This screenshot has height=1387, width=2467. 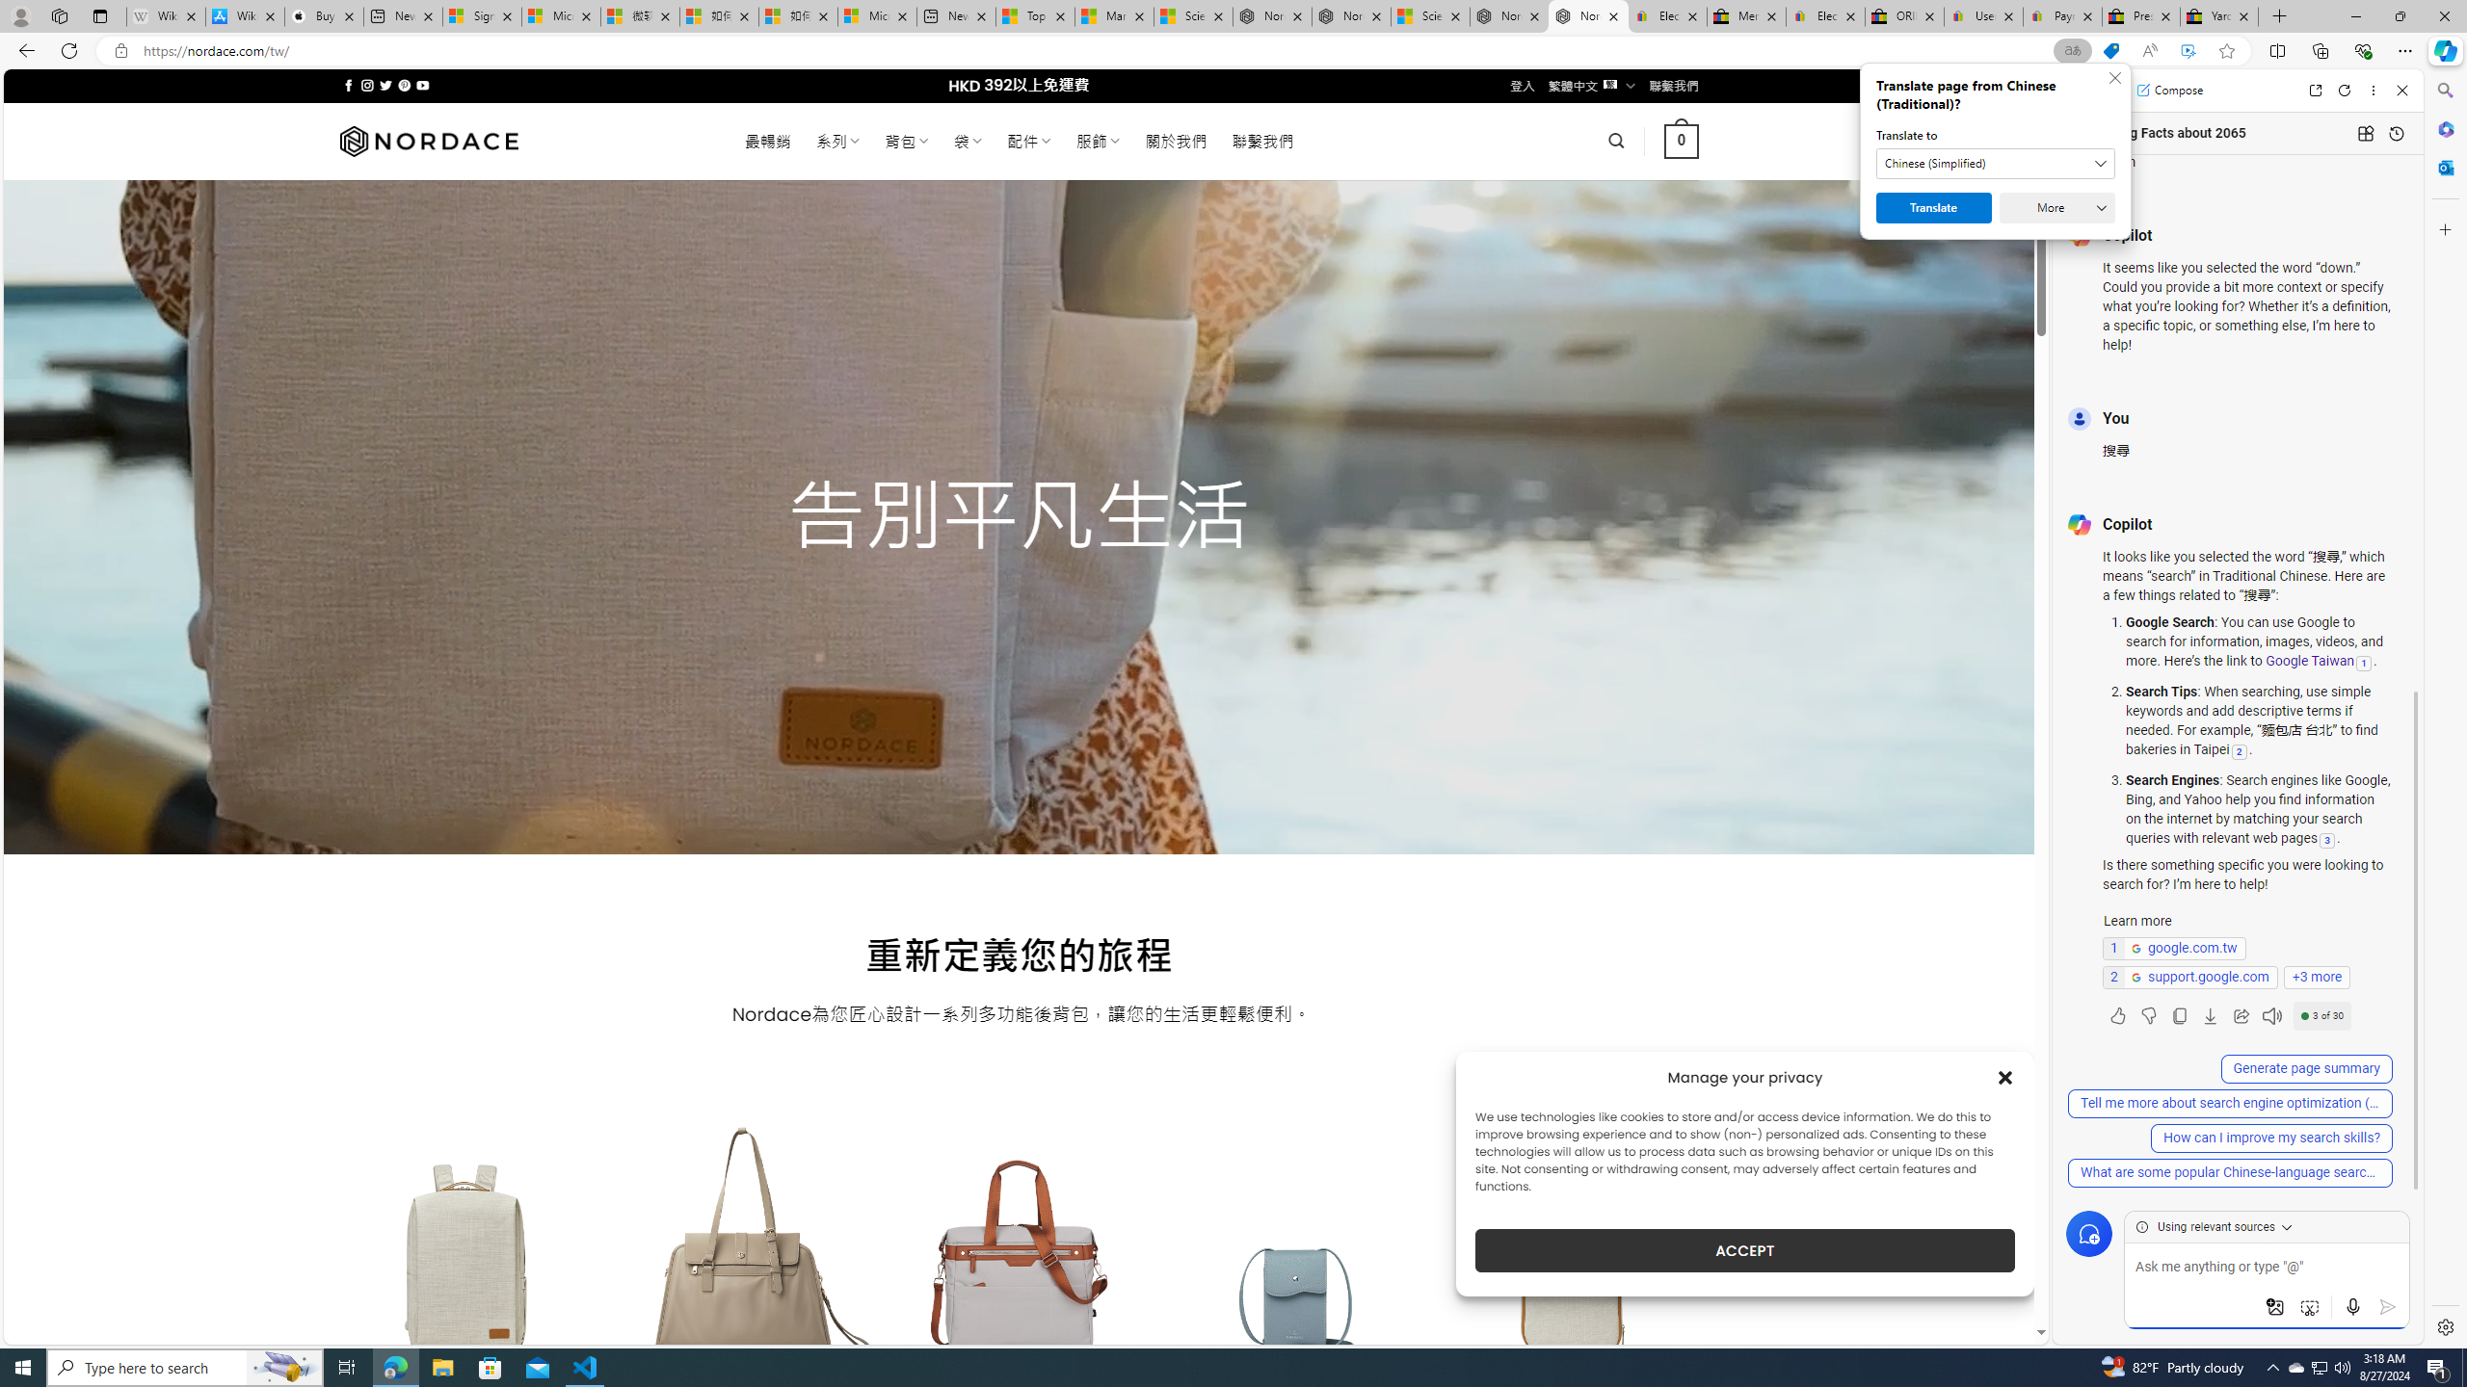 I want to click on 'Compose', so click(x=2168, y=89).